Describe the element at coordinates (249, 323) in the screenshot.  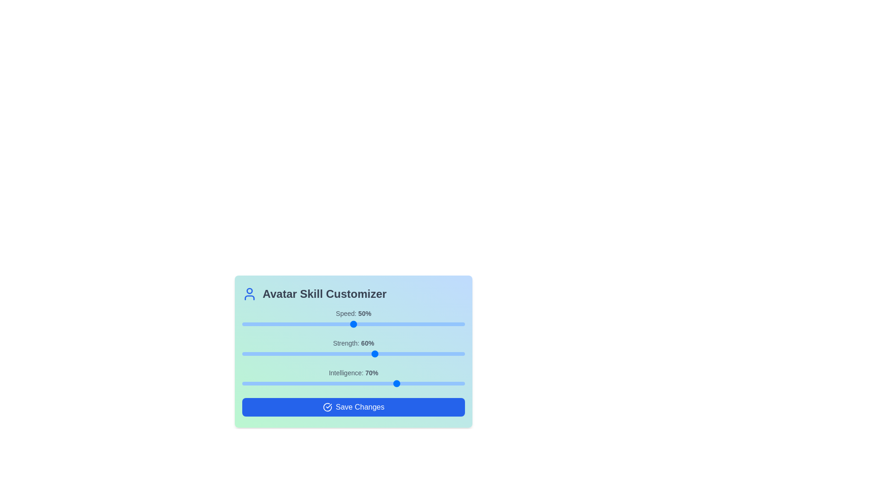
I see `the speed` at that location.